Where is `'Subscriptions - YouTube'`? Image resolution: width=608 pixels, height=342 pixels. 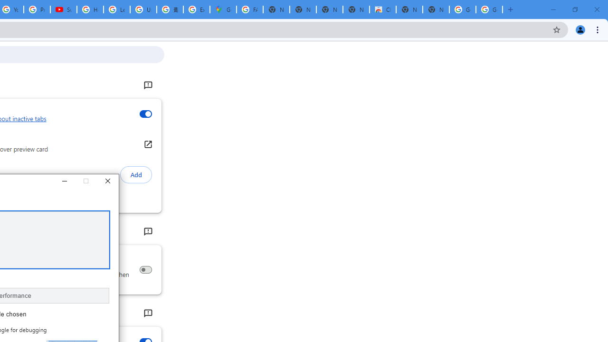
'Subscriptions - YouTube' is located at coordinates (63, 9).